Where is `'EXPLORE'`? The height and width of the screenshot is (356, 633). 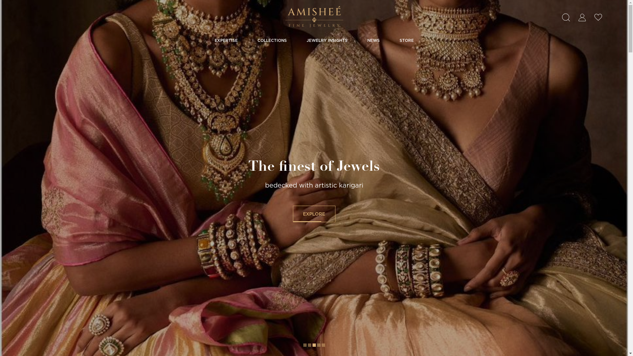 'EXPLORE' is located at coordinates (314, 214).